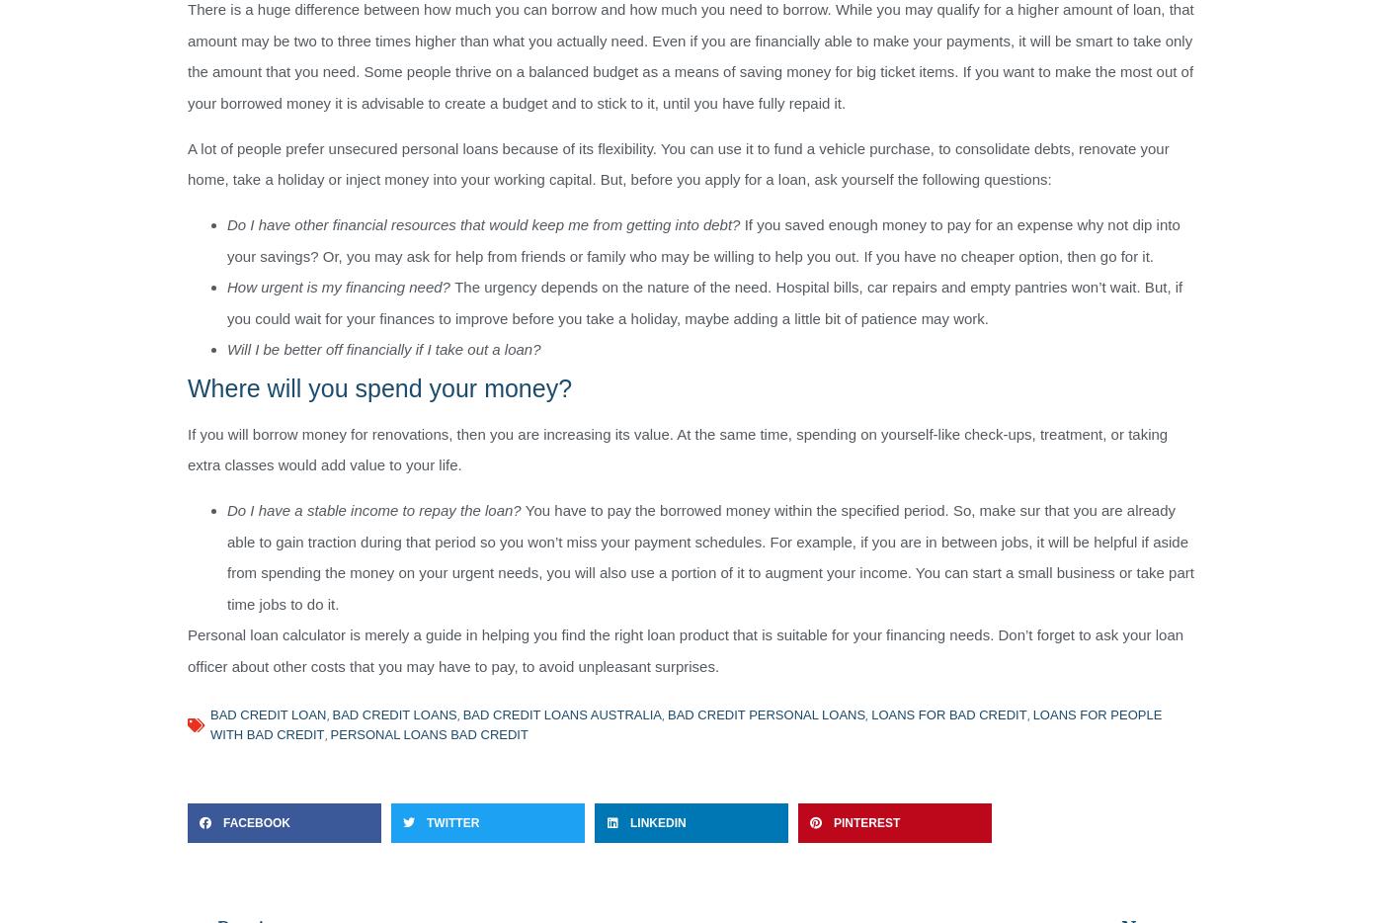 This screenshot has height=923, width=1383. Describe the element at coordinates (561, 714) in the screenshot. I see `'bad credit loans australia'` at that location.